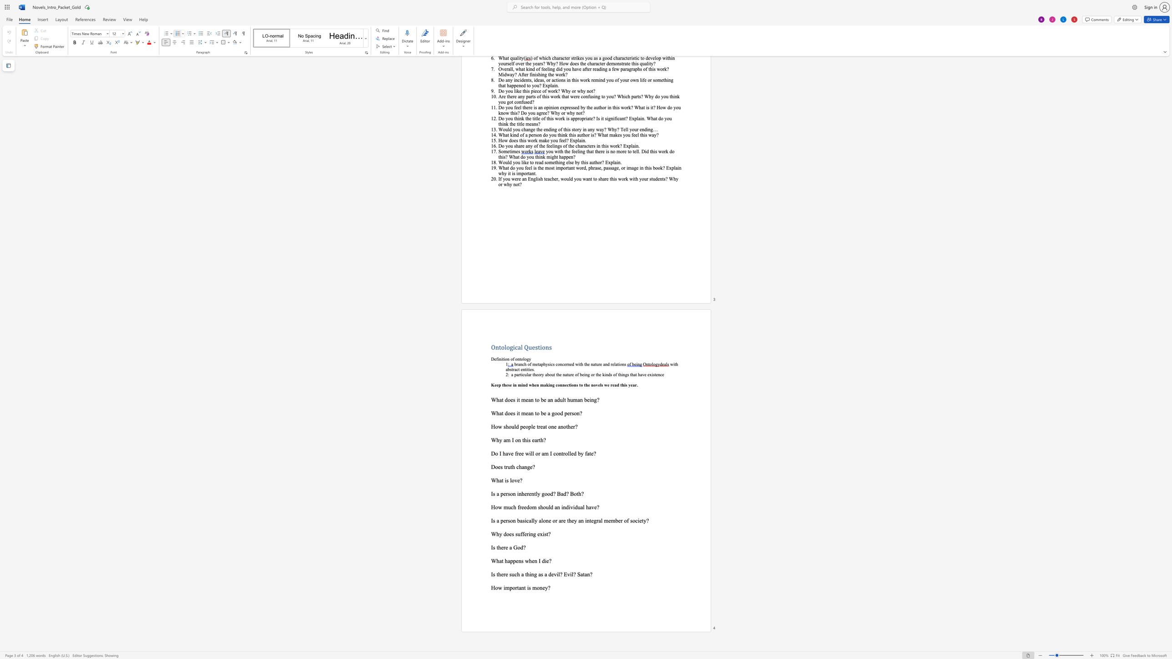 The height and width of the screenshot is (659, 1172). I want to click on the 2th character "o" in the text, so click(511, 358).